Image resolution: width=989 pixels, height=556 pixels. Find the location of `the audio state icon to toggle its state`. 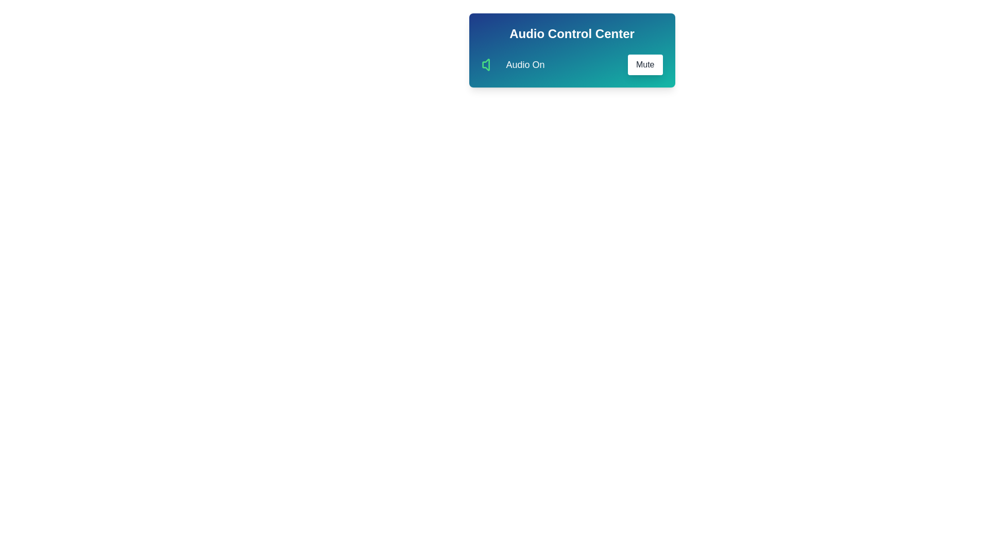

the audio state icon to toggle its state is located at coordinates (489, 65).